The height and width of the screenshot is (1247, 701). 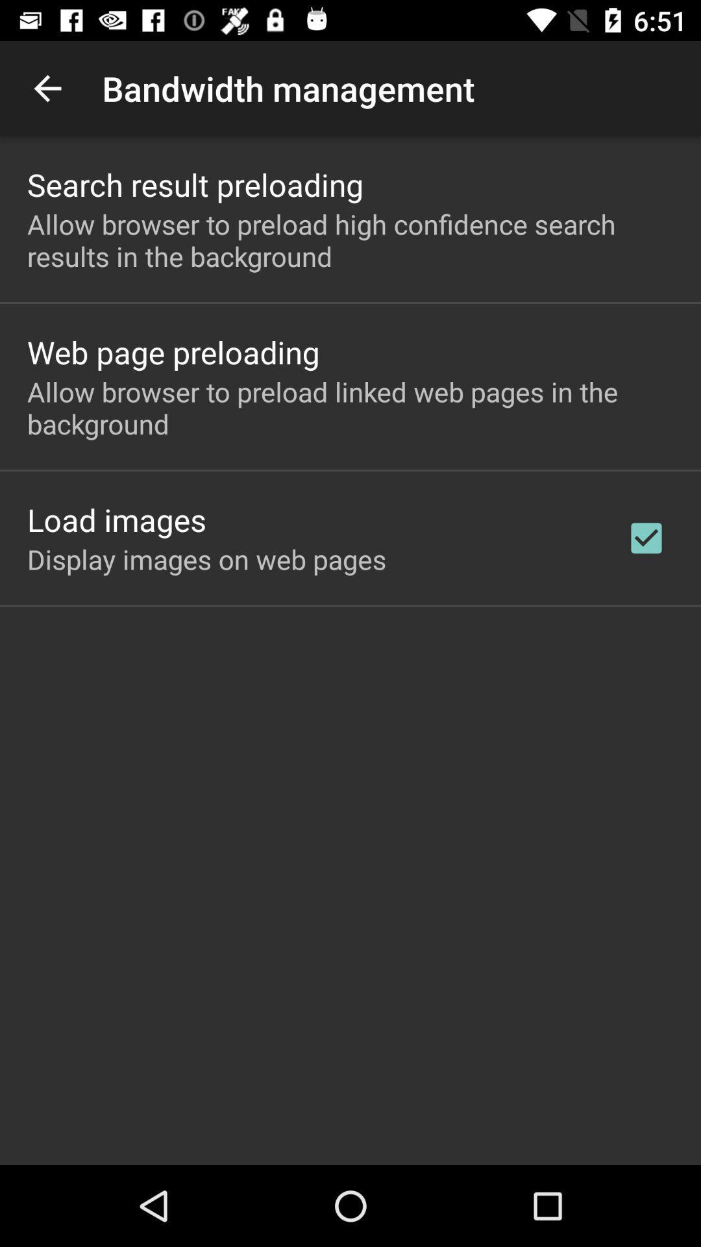 What do you see at coordinates (47, 88) in the screenshot?
I see `the icon to the left of the bandwidth management app` at bounding box center [47, 88].